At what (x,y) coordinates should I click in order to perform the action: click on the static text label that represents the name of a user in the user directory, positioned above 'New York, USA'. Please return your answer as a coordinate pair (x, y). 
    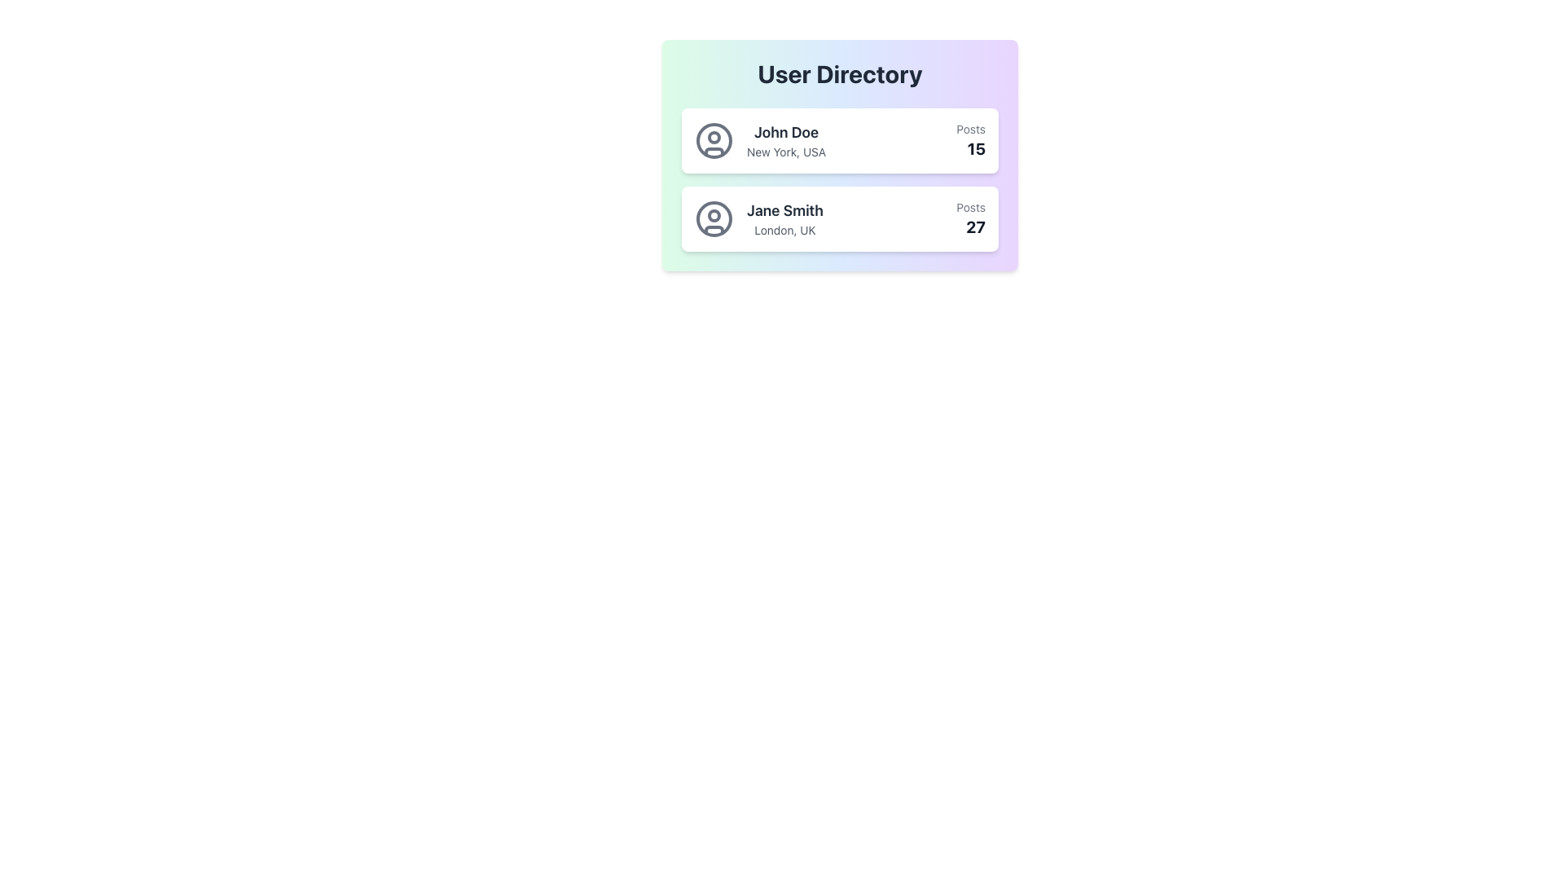
    Looking at the image, I should click on (786, 131).